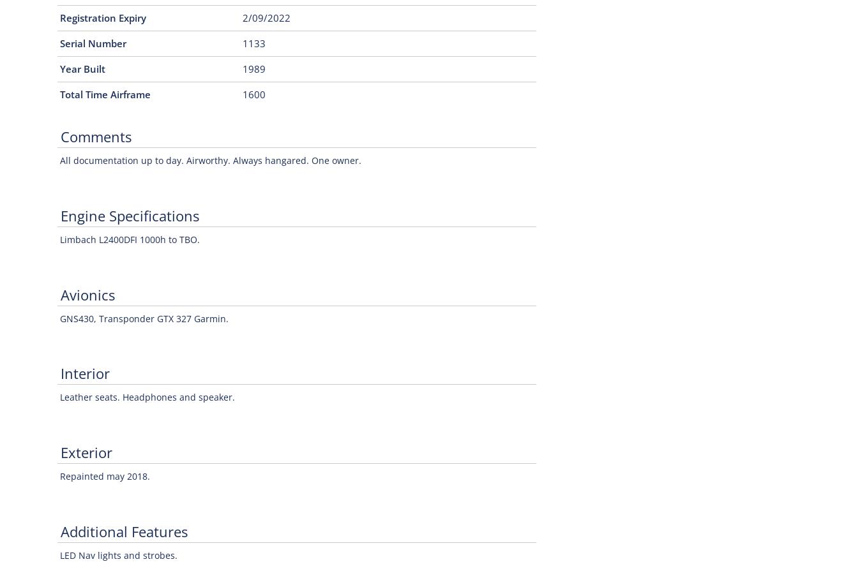 The height and width of the screenshot is (571, 862). I want to click on 'All documentation up to day. Airworthy. Always hangared. One owner.', so click(59, 160).